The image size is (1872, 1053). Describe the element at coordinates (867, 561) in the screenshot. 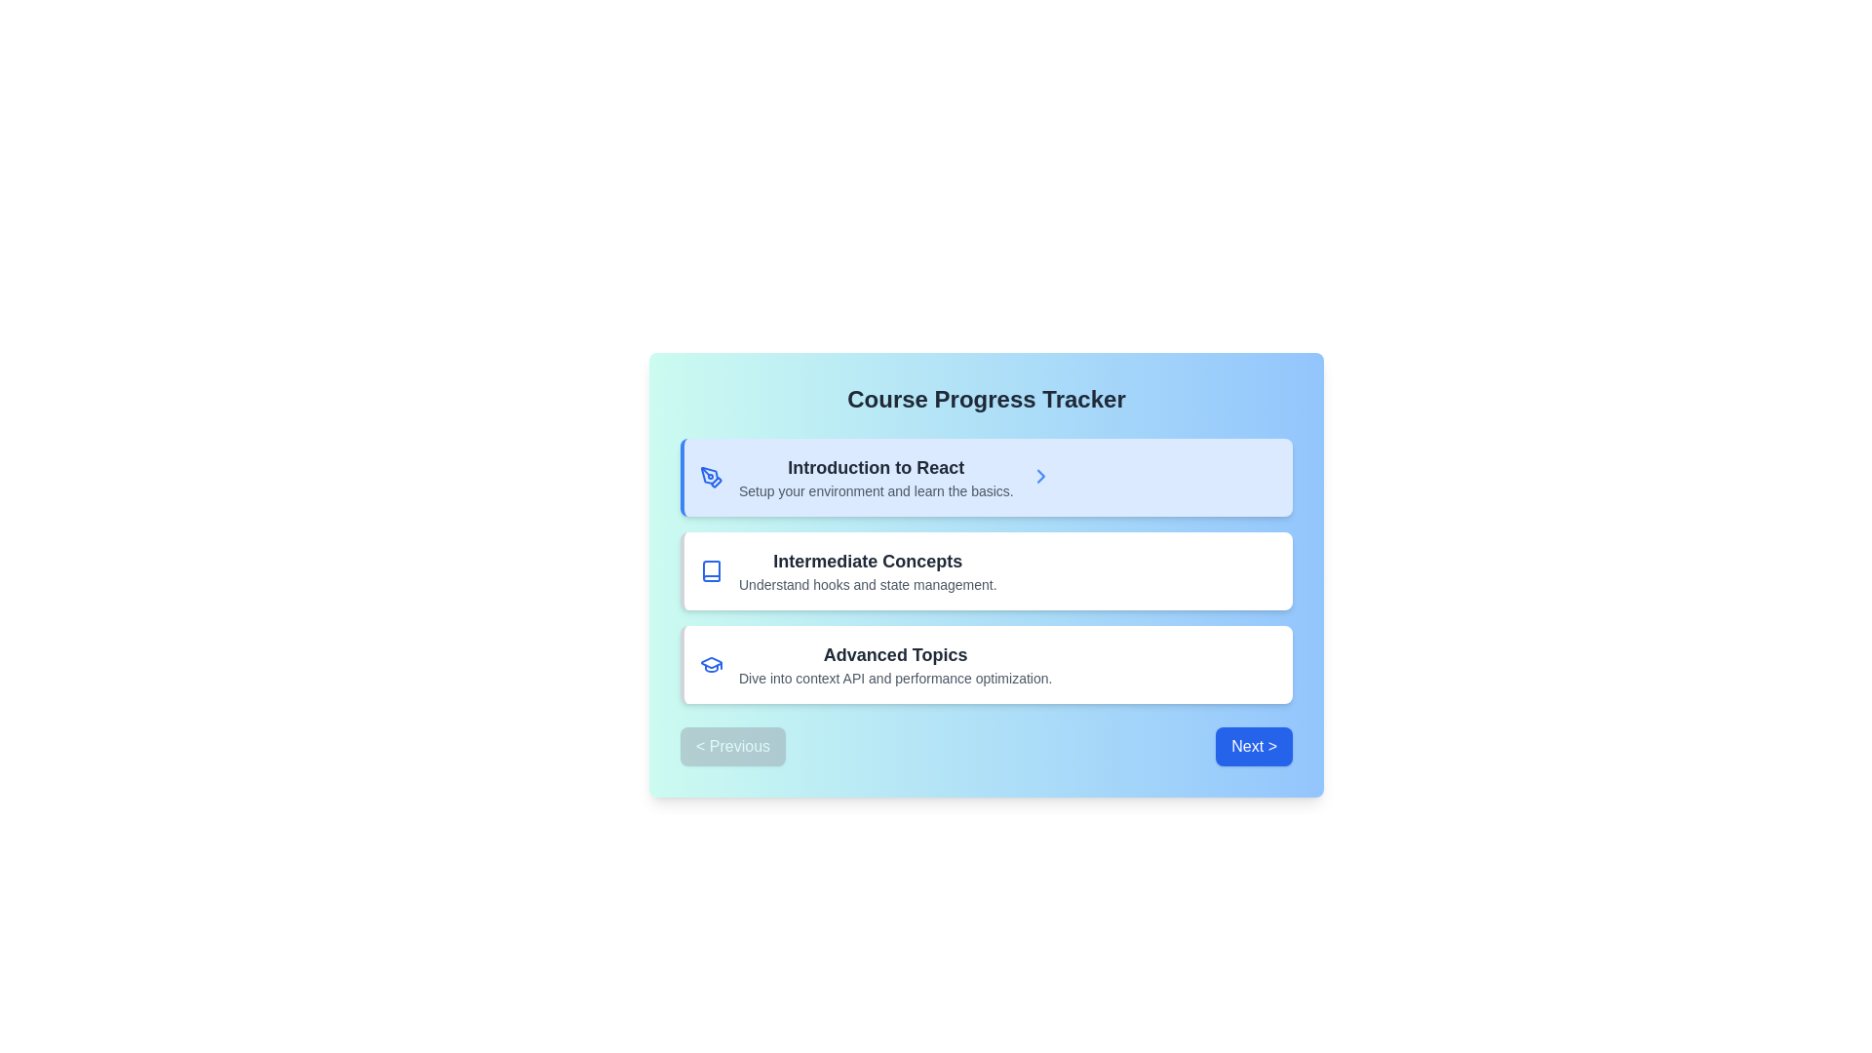

I see `the header text that signifies the topic 'Intermediate Concepts', located centrally in the UI, between 'Introduction to React' and 'Advanced Topics'` at that location.